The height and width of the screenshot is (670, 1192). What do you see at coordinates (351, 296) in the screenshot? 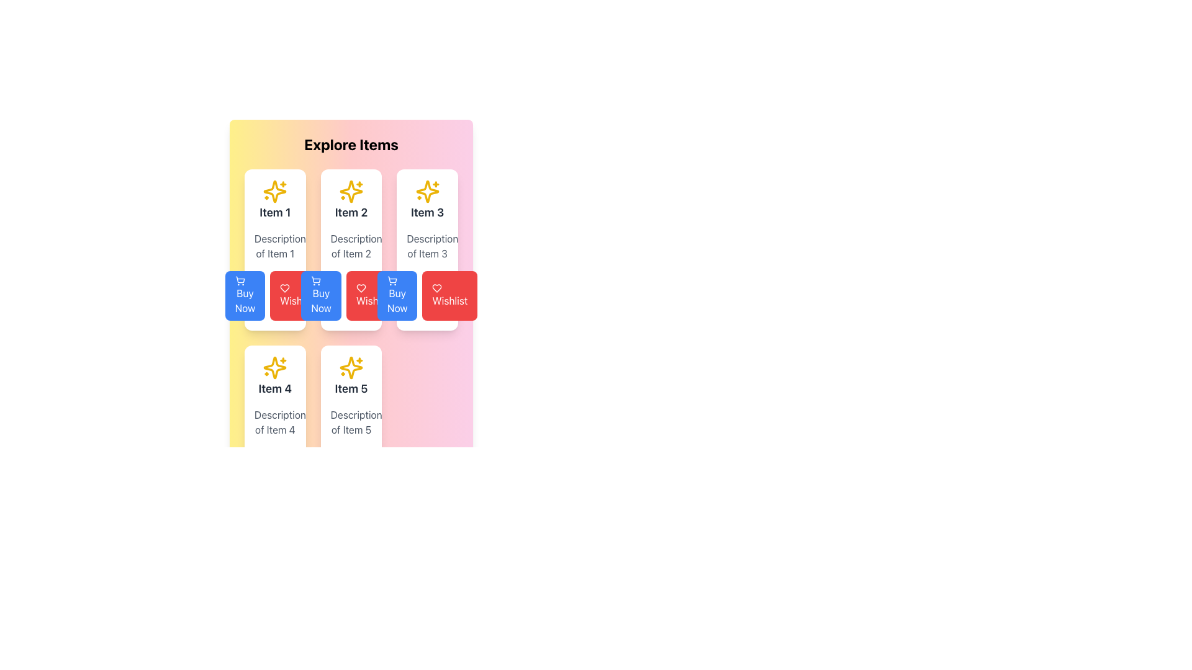
I see `the red button with rounded corners and white text reading 'Wishlist'` at bounding box center [351, 296].